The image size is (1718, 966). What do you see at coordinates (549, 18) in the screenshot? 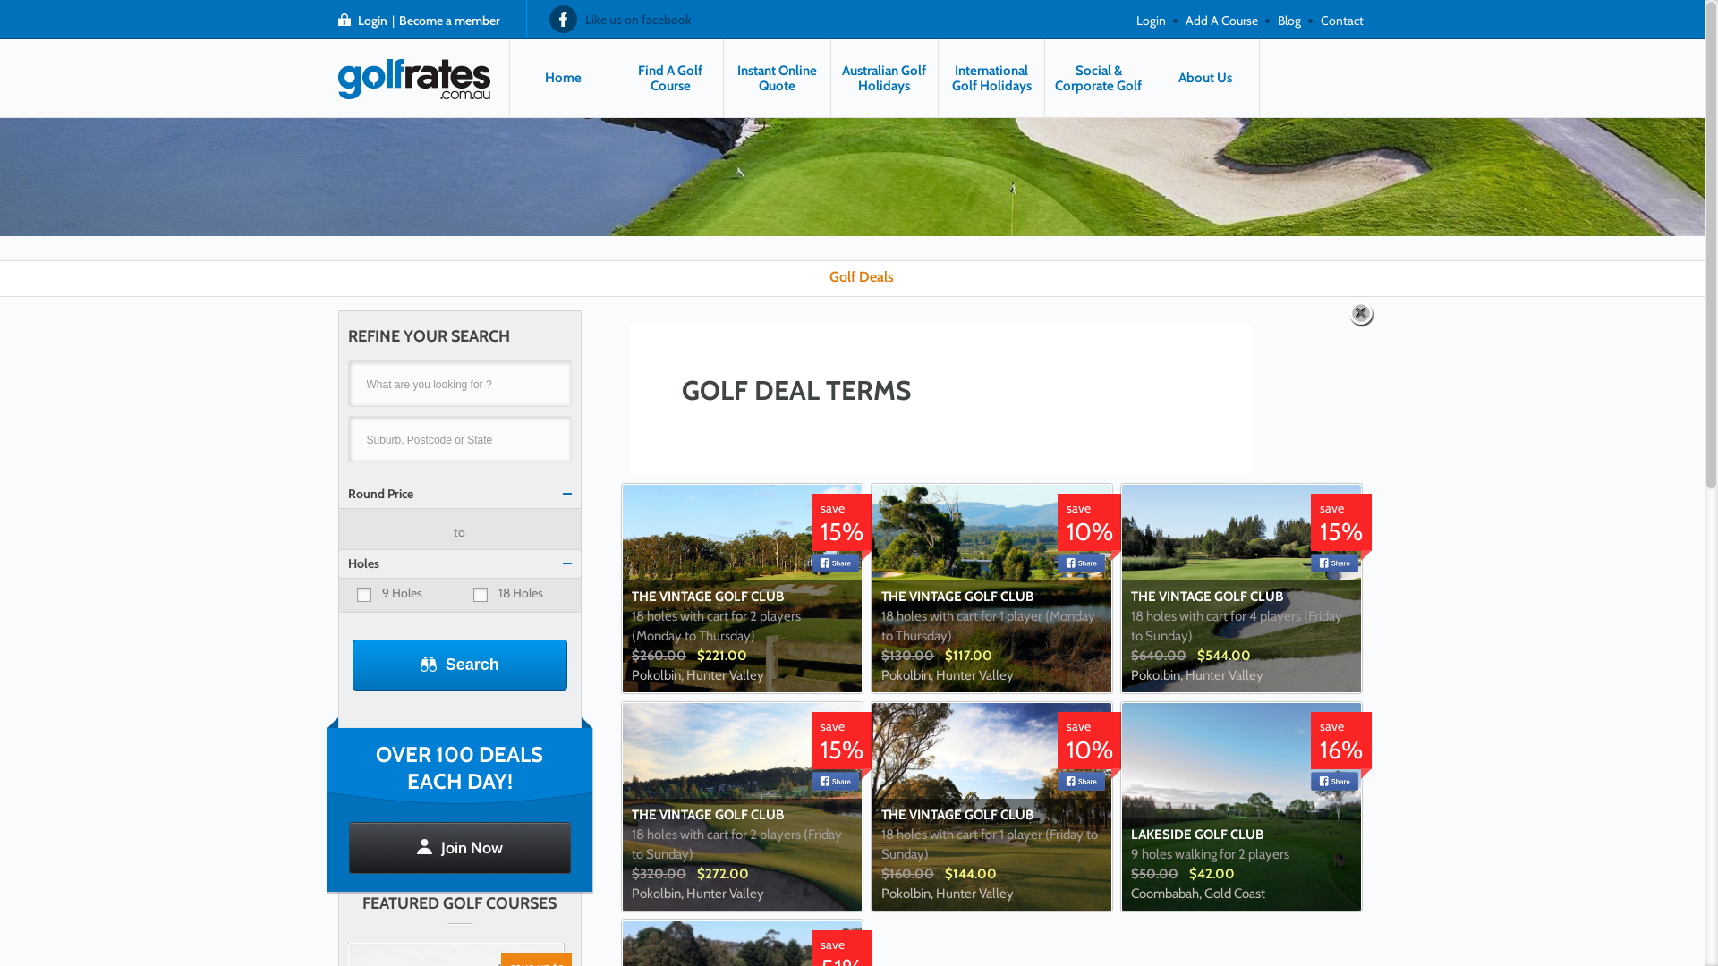
I see `'Like us on facebook'` at bounding box center [549, 18].